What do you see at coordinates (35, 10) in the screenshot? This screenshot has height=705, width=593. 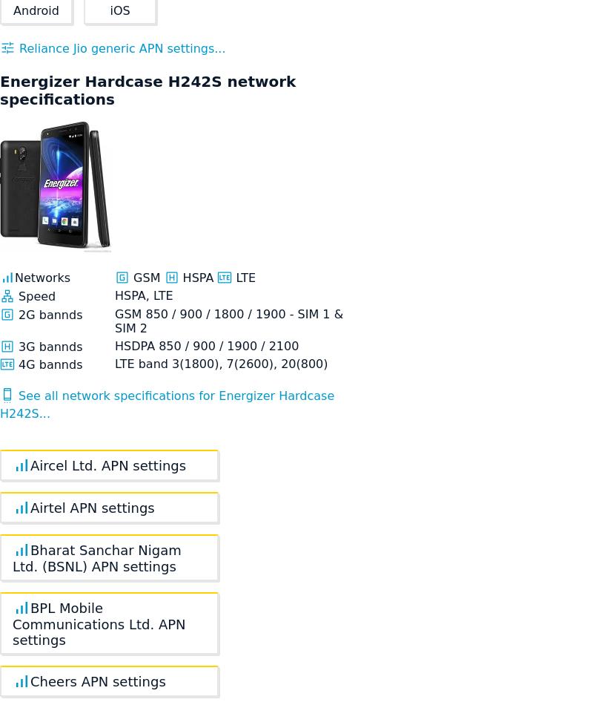 I see `'Android'` at bounding box center [35, 10].